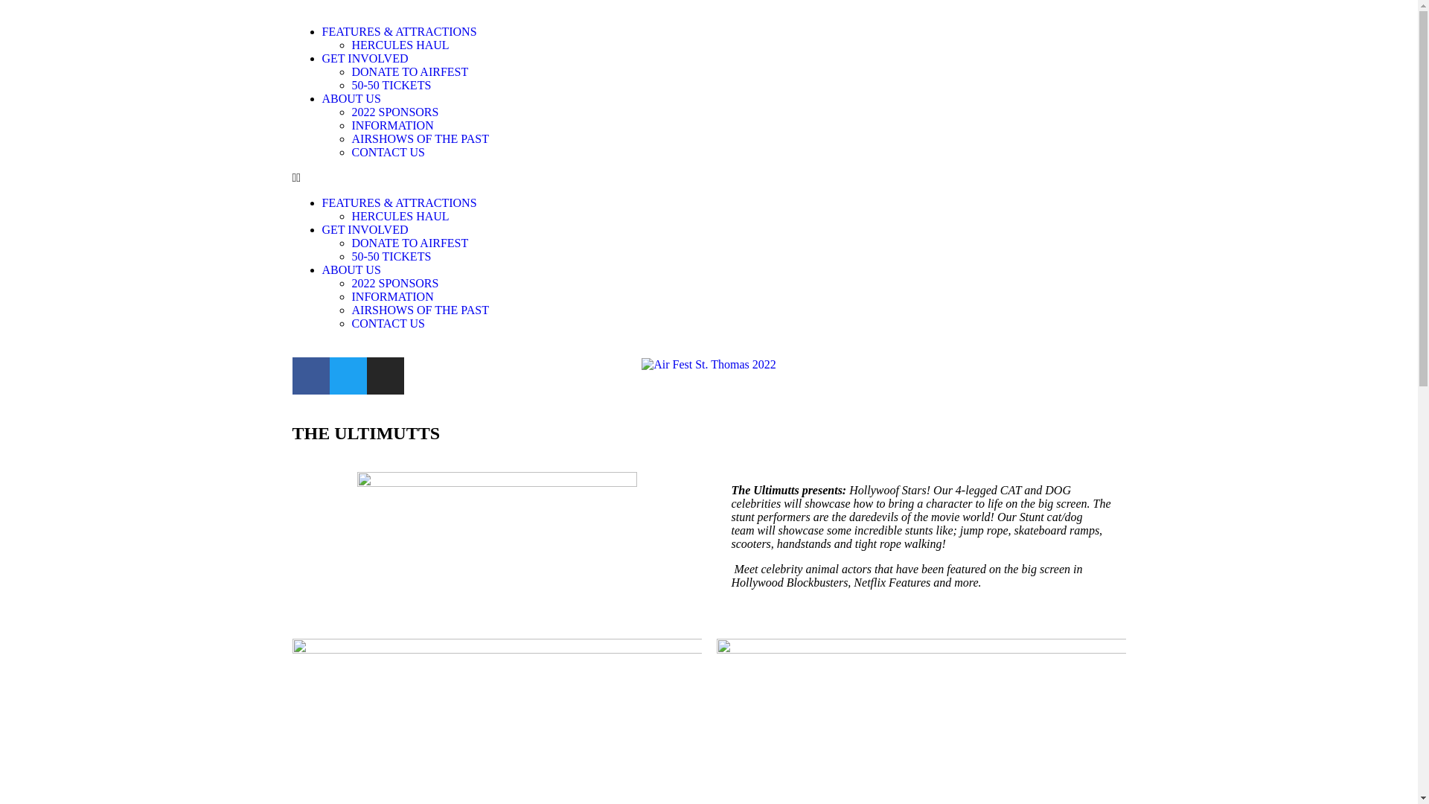 The width and height of the screenshot is (1429, 804). I want to click on 'GET INVOLVED', so click(364, 229).